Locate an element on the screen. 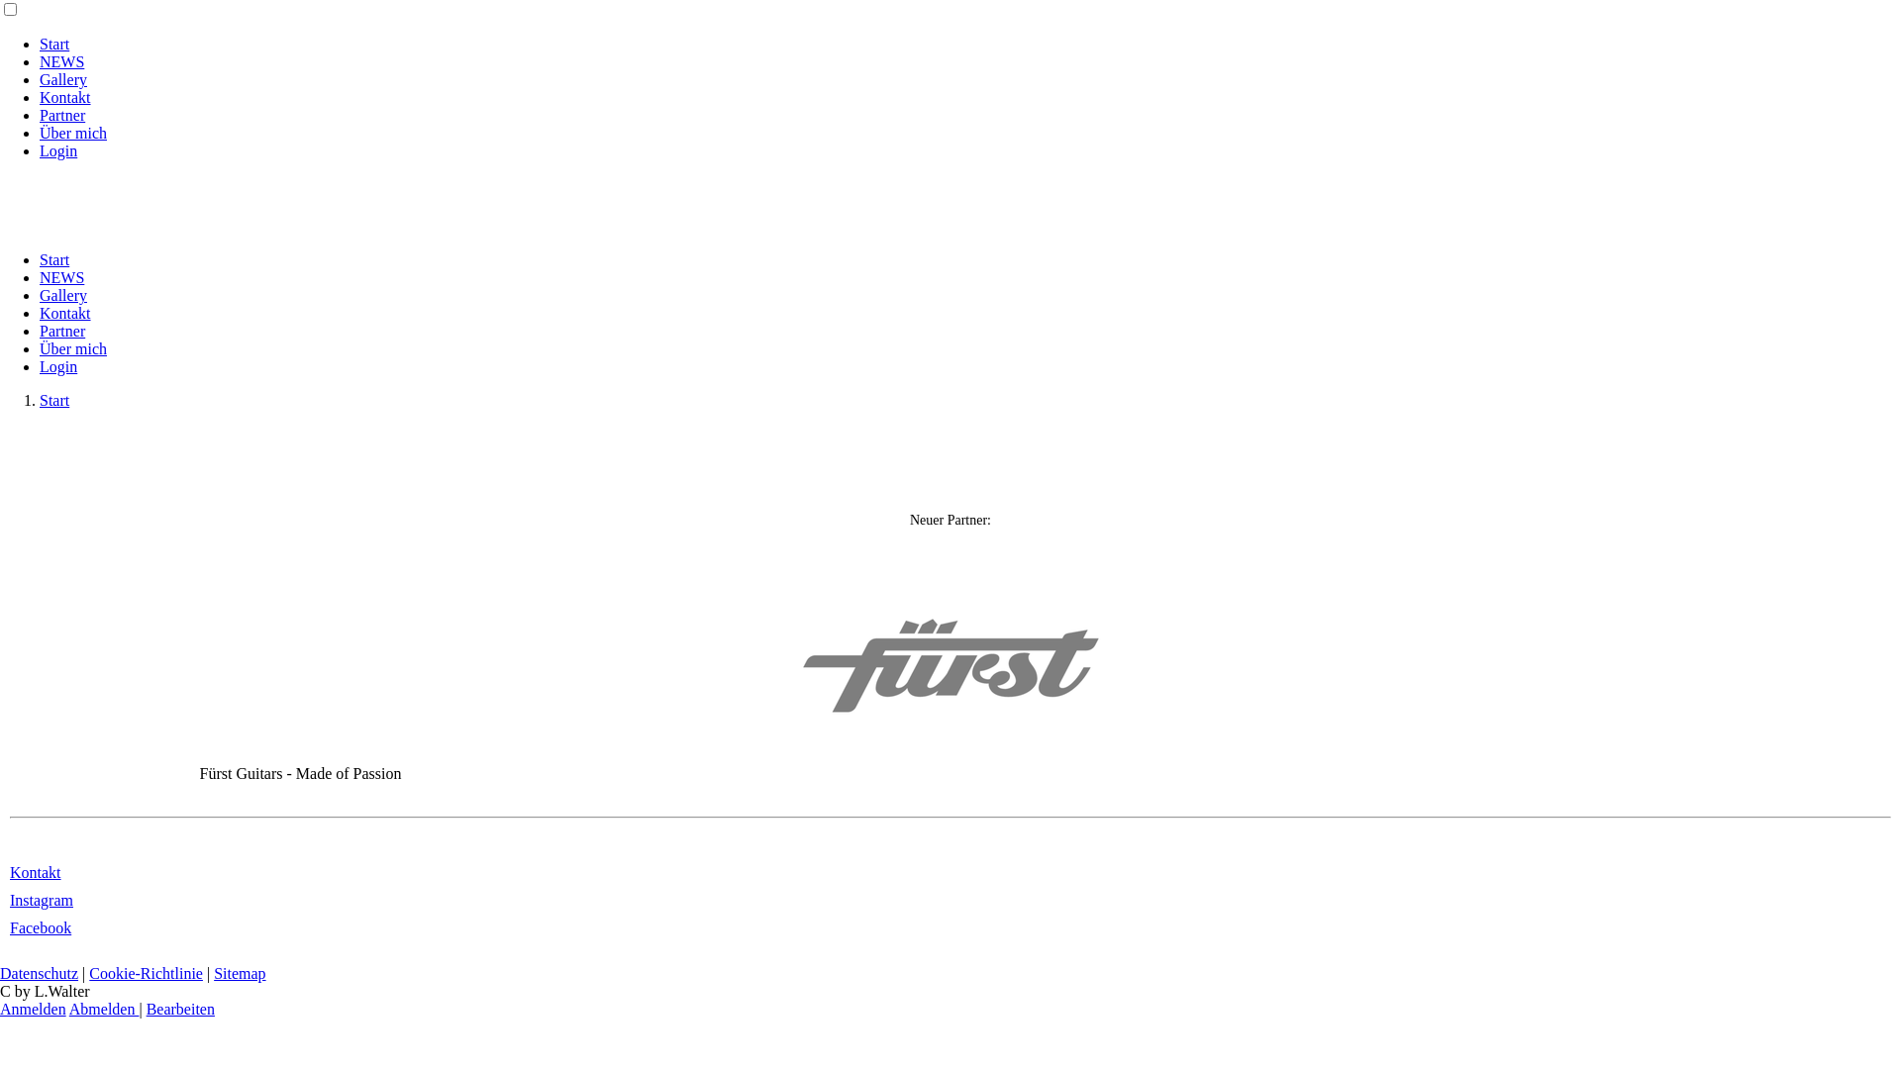 This screenshot has width=1901, height=1069. 'Anmelden' is located at coordinates (33, 1009).